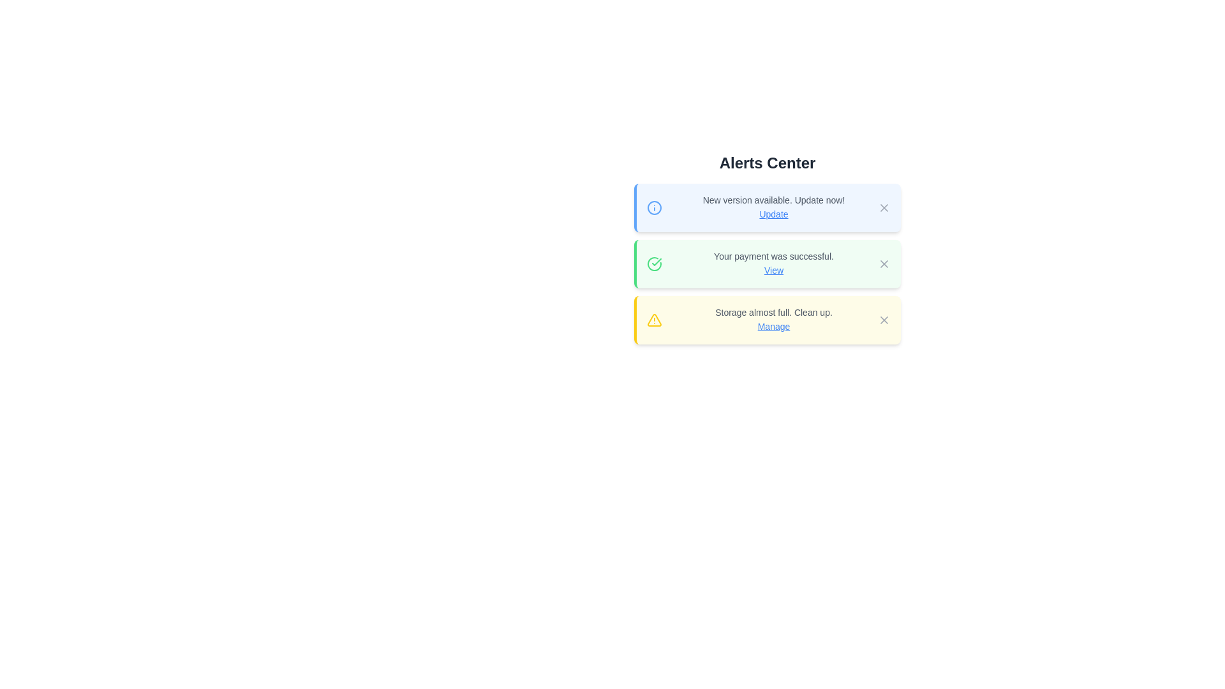  Describe the element at coordinates (884, 319) in the screenshot. I see `the close button located at the top-right corner of the yellow alert message box labeled 'Storage almost full. Clean up. Manage.'` at that location.